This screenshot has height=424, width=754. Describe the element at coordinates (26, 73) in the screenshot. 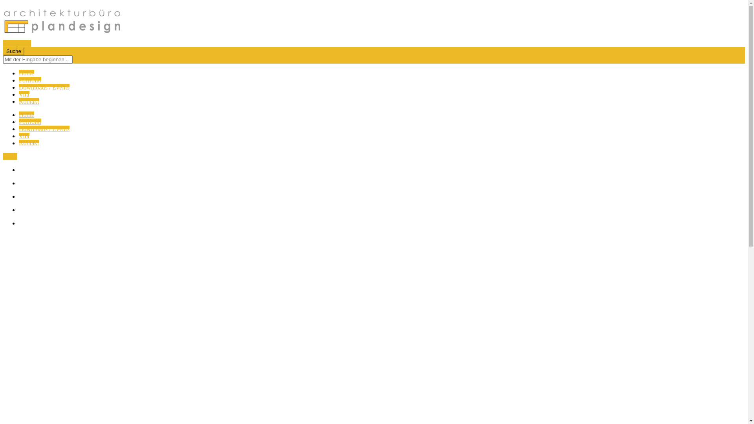

I see `'Home'` at that location.